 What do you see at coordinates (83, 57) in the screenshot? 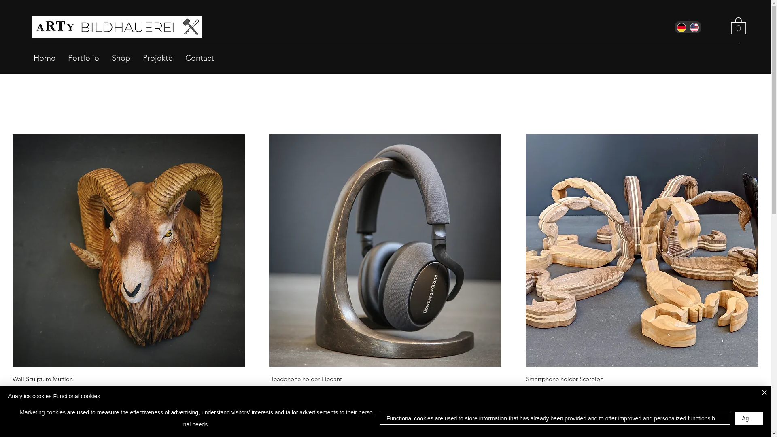
I see `'Portfolio'` at bounding box center [83, 57].